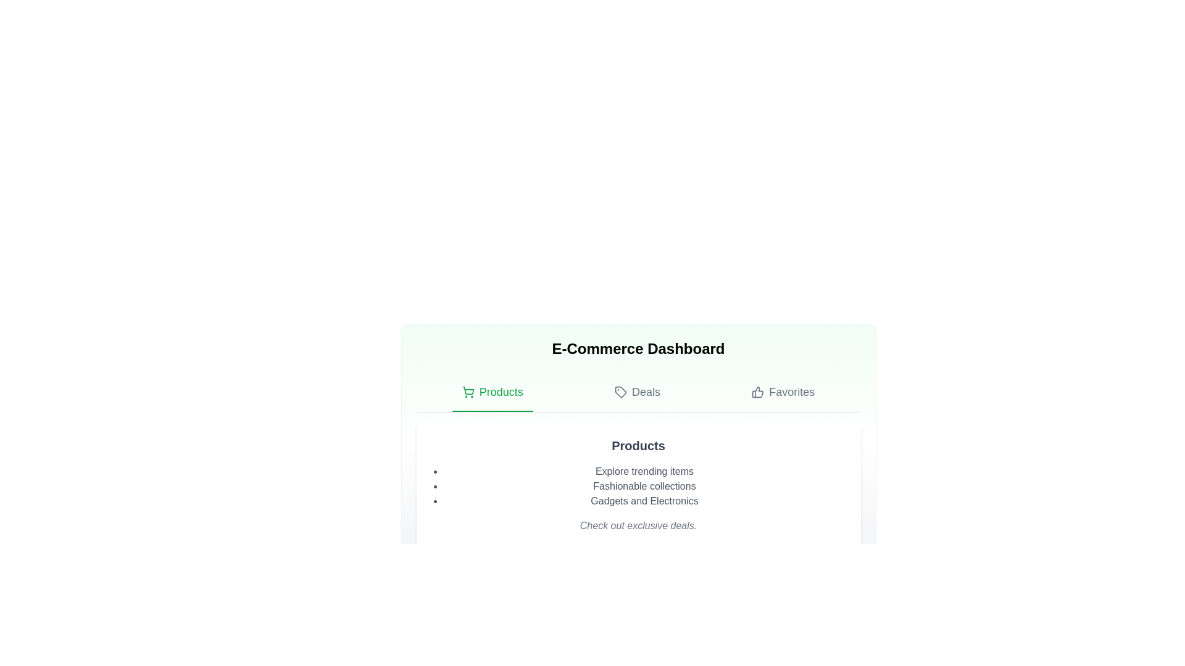 The width and height of the screenshot is (1185, 666). Describe the element at coordinates (644, 486) in the screenshot. I see `the static text component that represents 'Fashionable collections' situated between 'Explore trending items' and 'Gadgets and Electronics' in the product listing` at that location.